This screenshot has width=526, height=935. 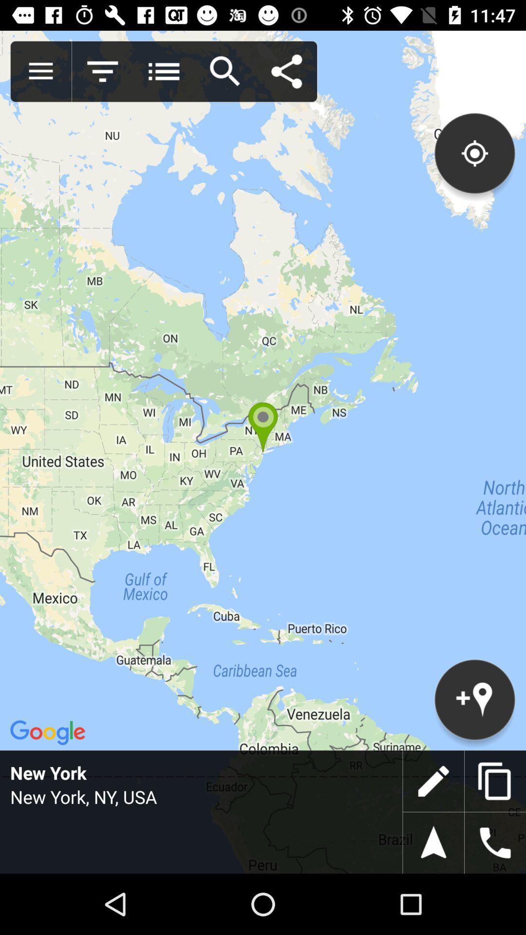 What do you see at coordinates (40, 71) in the screenshot?
I see `expand menu options` at bounding box center [40, 71].